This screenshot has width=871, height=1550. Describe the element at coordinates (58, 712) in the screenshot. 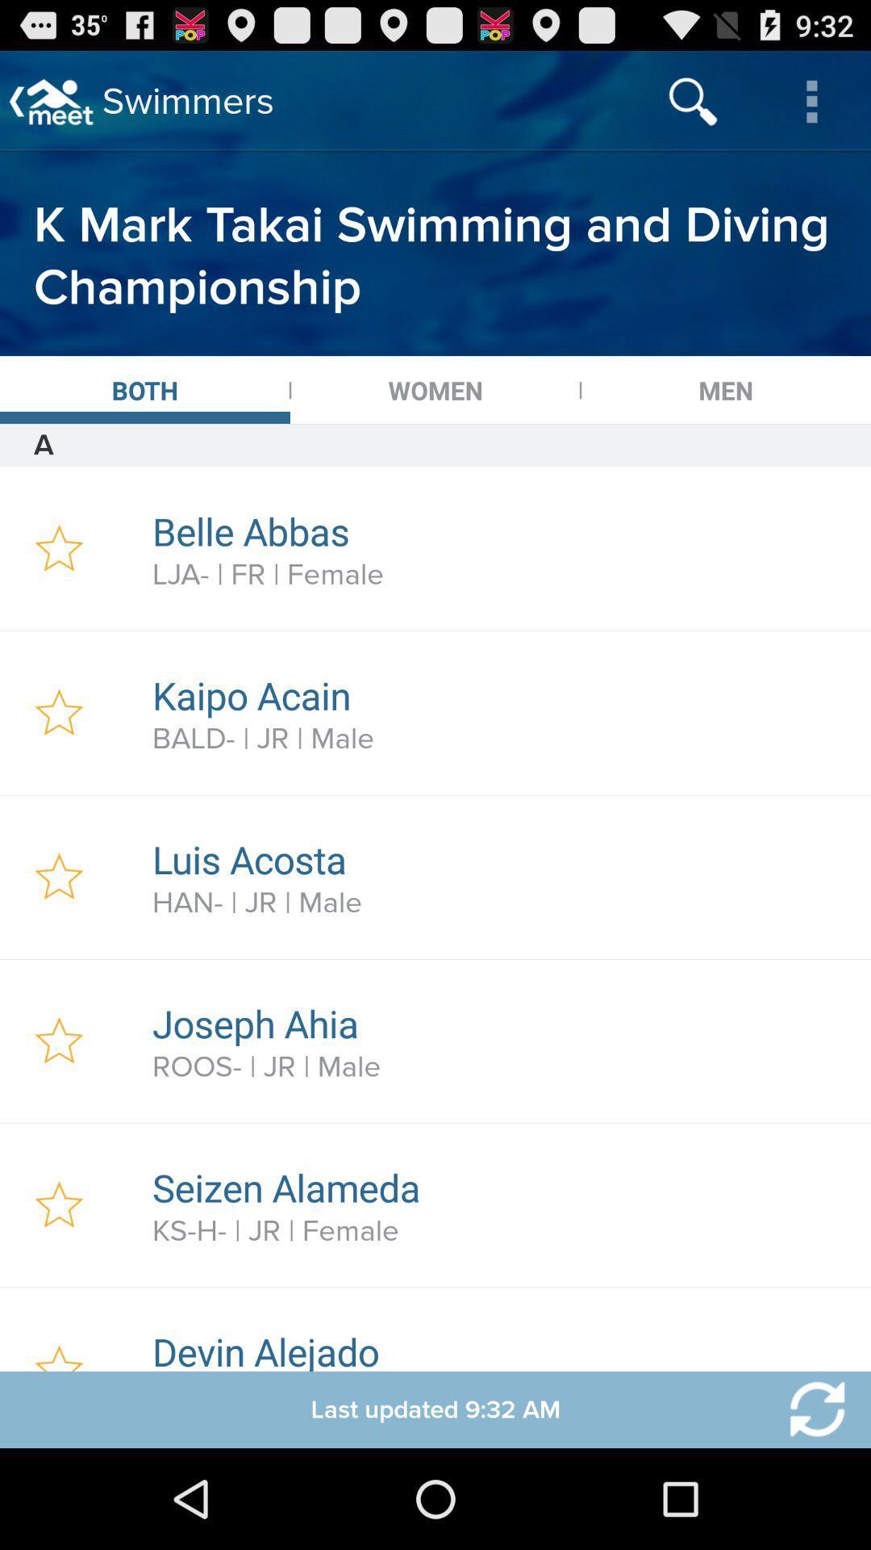

I see `favorite` at that location.